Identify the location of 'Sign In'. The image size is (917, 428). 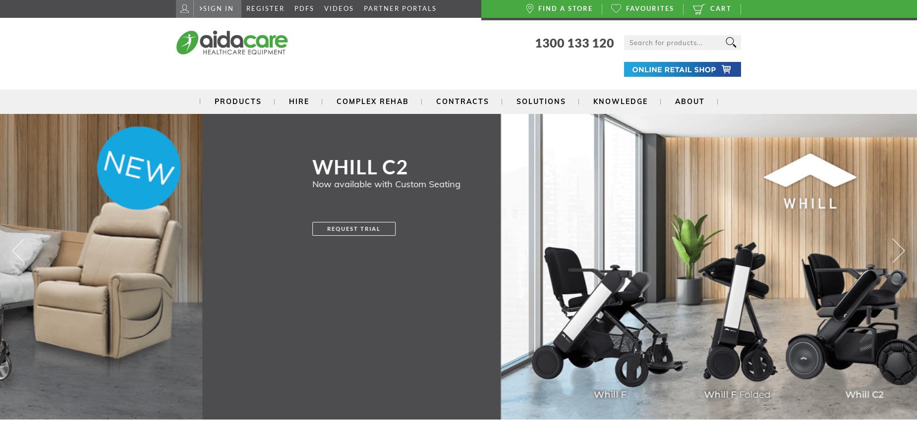
(218, 8).